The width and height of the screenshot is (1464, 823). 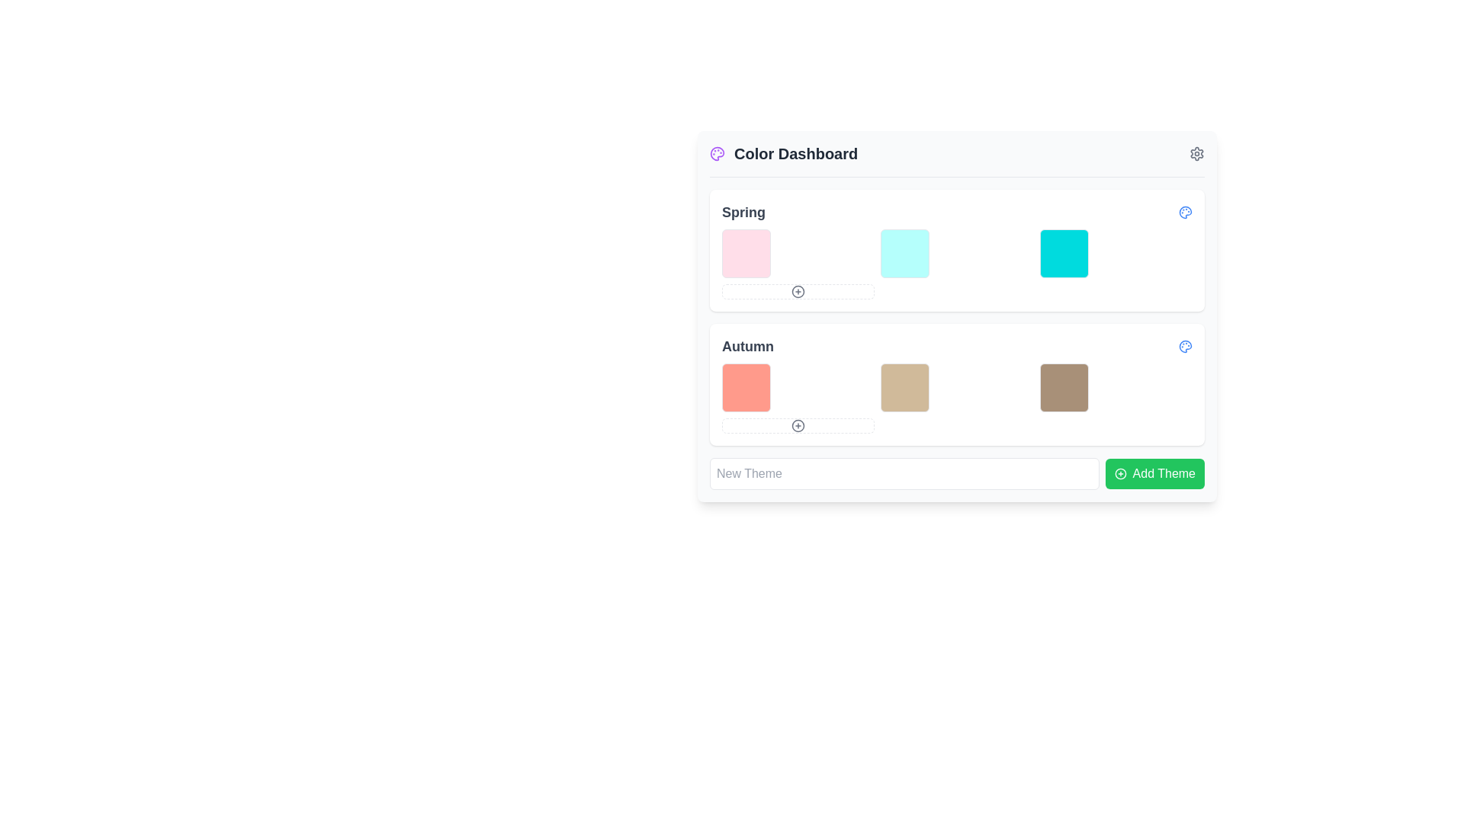 I want to click on the palette icon representing the theme or color selection in the 'Autumn' section, positioned to the right of the 'Autumn' label, so click(x=1185, y=347).